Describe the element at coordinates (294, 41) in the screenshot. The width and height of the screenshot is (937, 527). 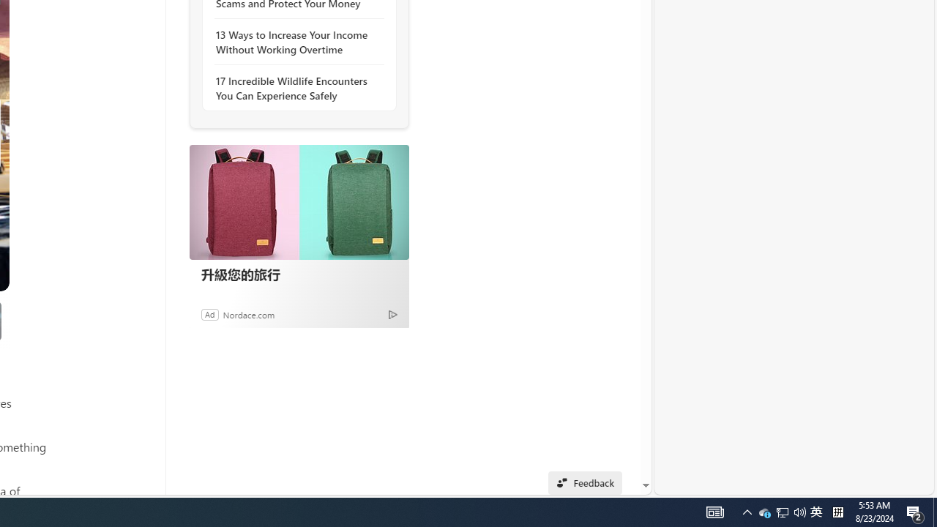
I see `'13 Ways to Increase Your Income Without Working Overtime'` at that location.